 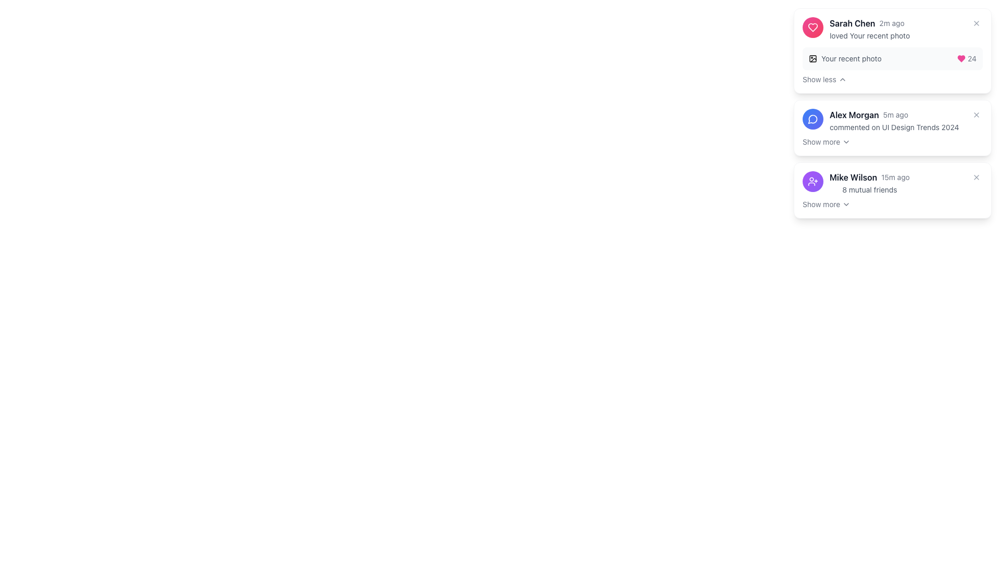 I want to click on the 'Show more' interactive text link located at the bottom-right of a notification card featuring 'Mike Wilson' and '8 mutual friends', so click(x=826, y=205).